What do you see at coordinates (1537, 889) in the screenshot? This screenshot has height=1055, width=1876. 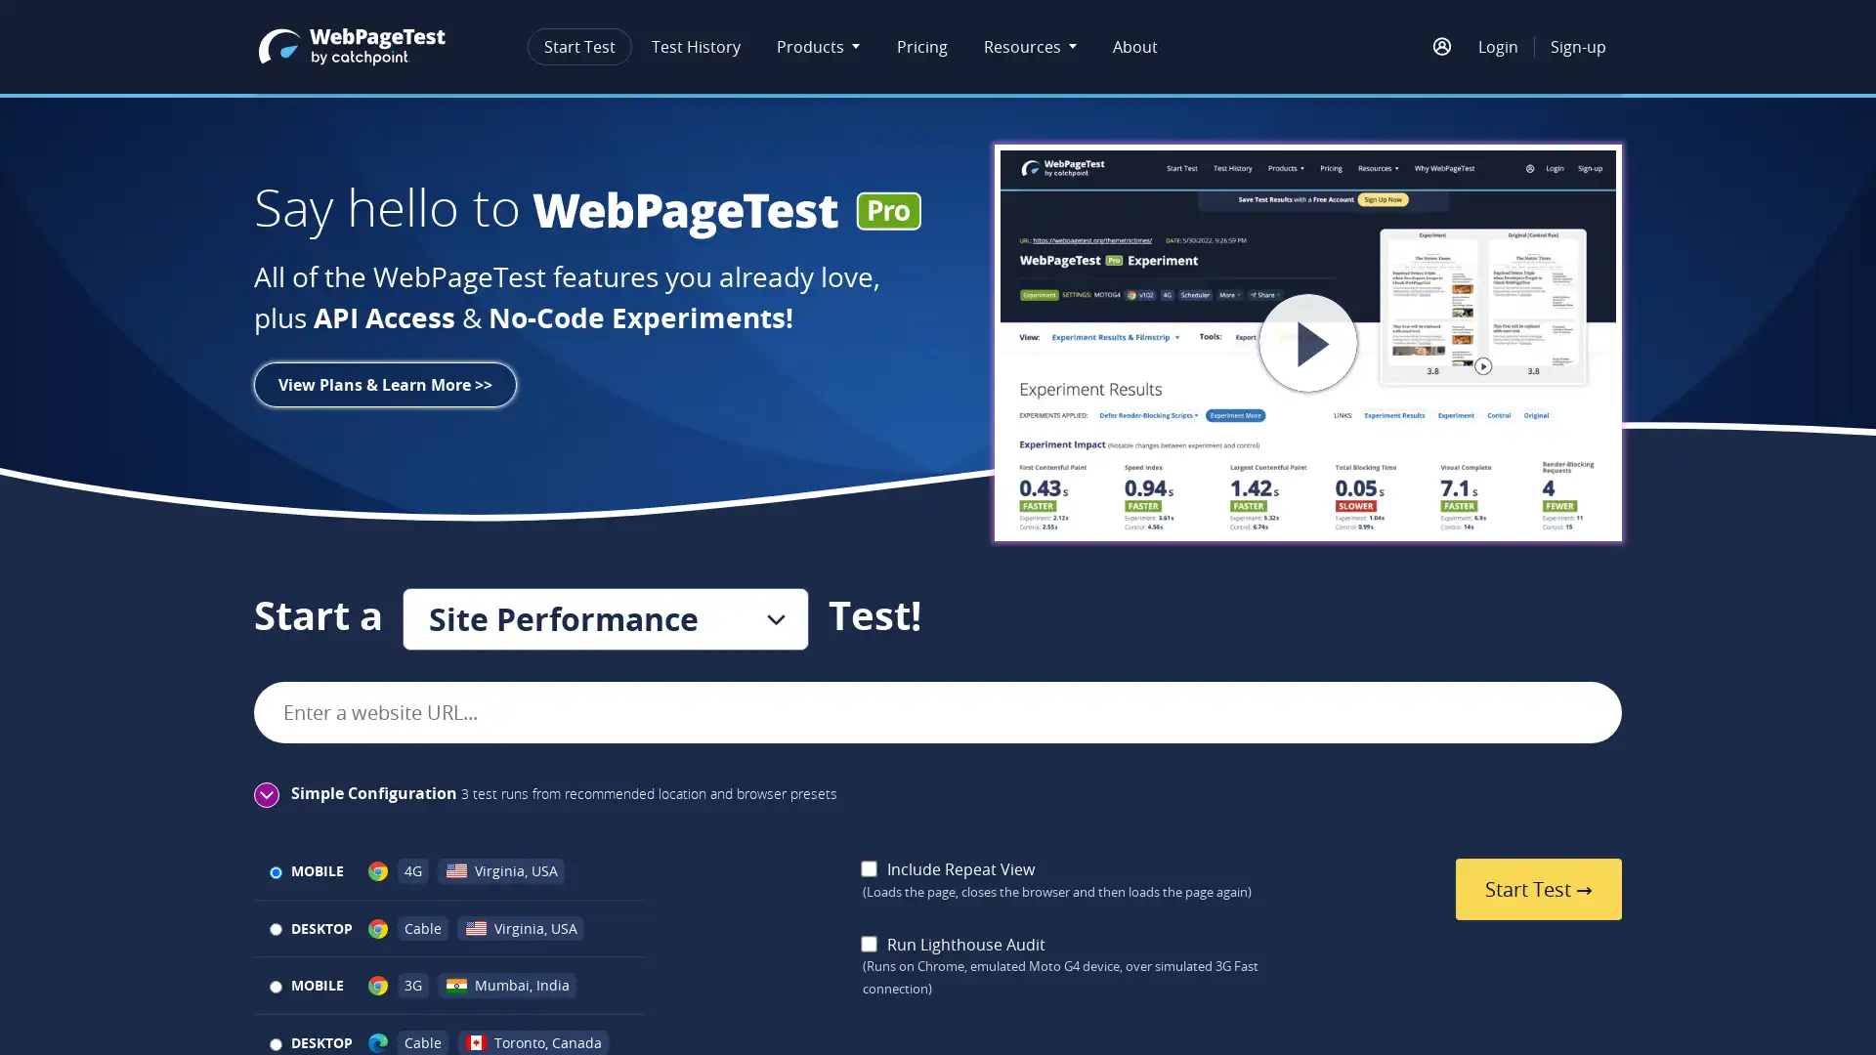 I see `Start Test` at bounding box center [1537, 889].